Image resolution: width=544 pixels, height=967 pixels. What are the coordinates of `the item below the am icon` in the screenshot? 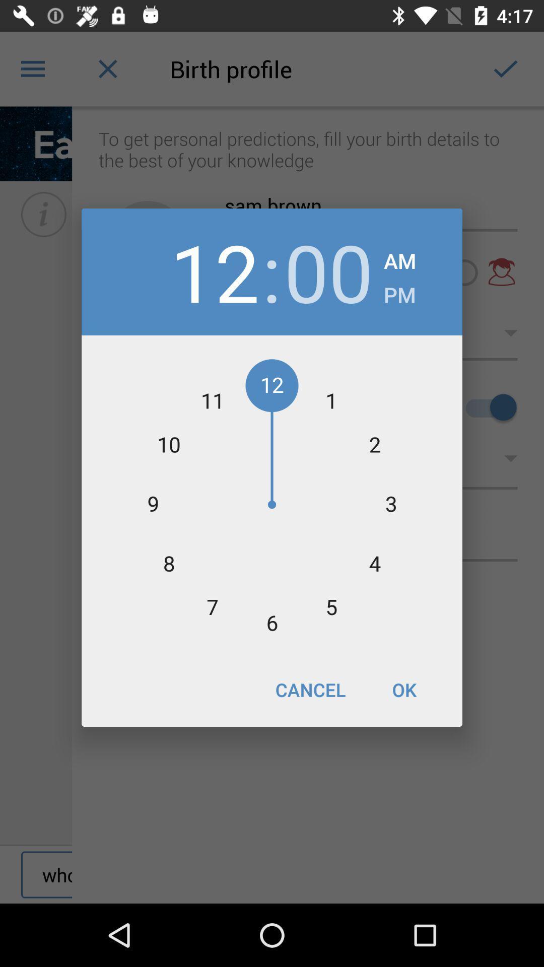 It's located at (399, 291).